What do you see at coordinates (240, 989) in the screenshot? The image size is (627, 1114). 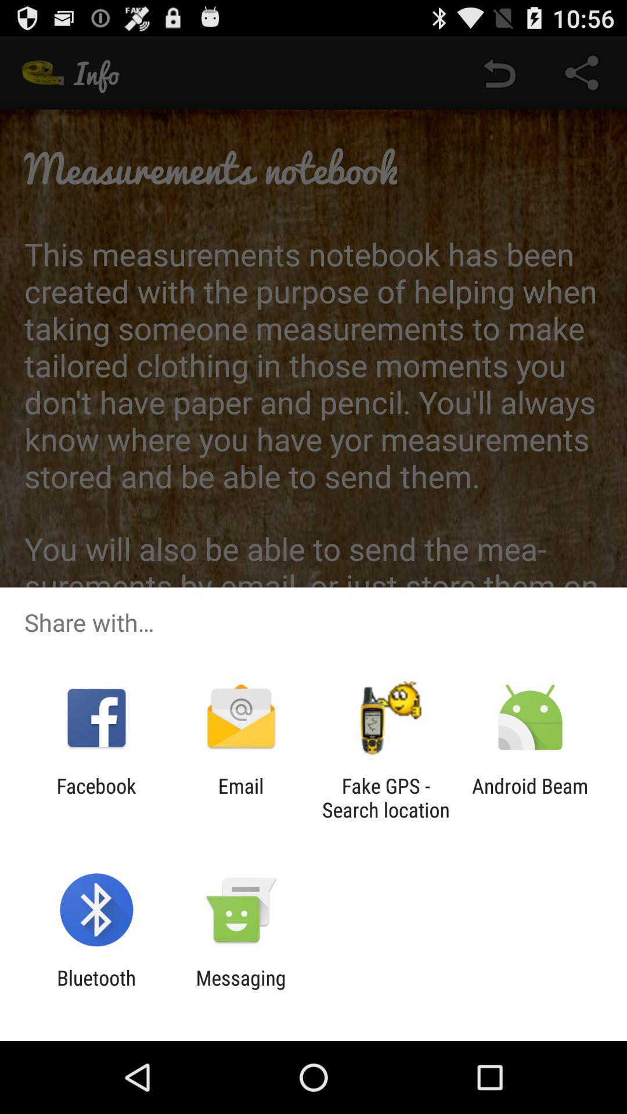 I see `messaging app` at bounding box center [240, 989].